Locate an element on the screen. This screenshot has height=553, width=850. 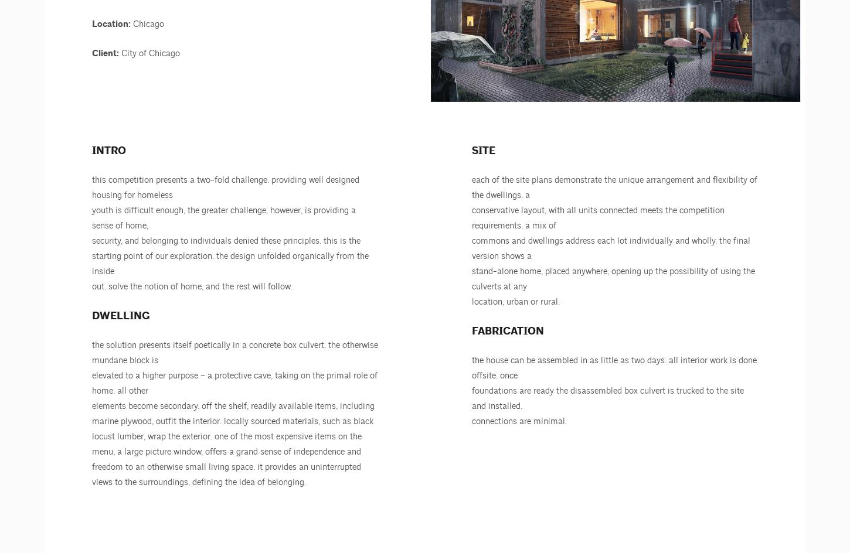
'this competition presents a two-fold challenge. providing well designed housing for homeless' is located at coordinates (225, 187).